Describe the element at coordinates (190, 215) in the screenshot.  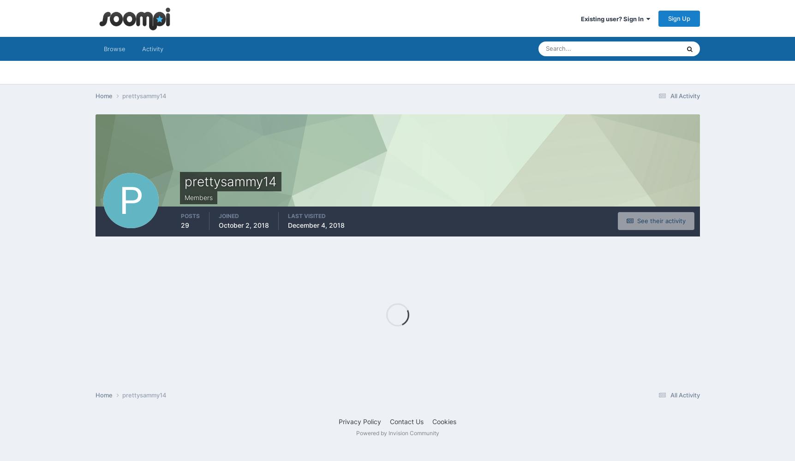
I see `'Posts'` at that location.